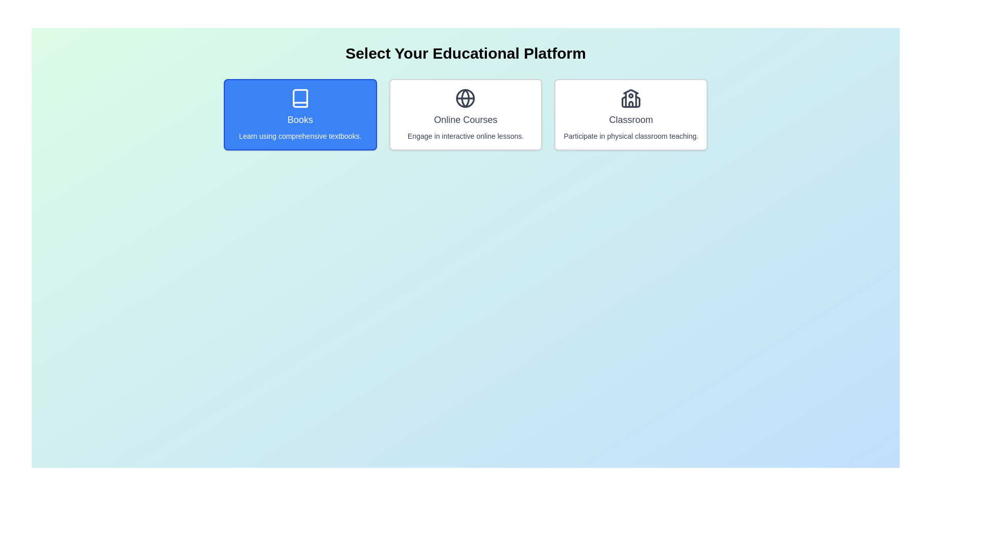 The height and width of the screenshot is (551, 981). What do you see at coordinates (299, 114) in the screenshot?
I see `the button corresponding to Books to select the educational platform` at bounding box center [299, 114].